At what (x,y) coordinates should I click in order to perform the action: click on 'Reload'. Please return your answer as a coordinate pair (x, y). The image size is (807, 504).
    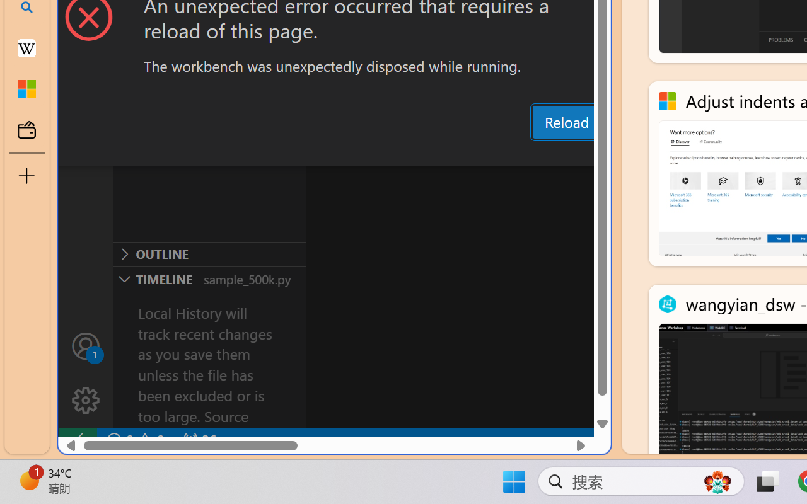
    Looking at the image, I should click on (566, 121).